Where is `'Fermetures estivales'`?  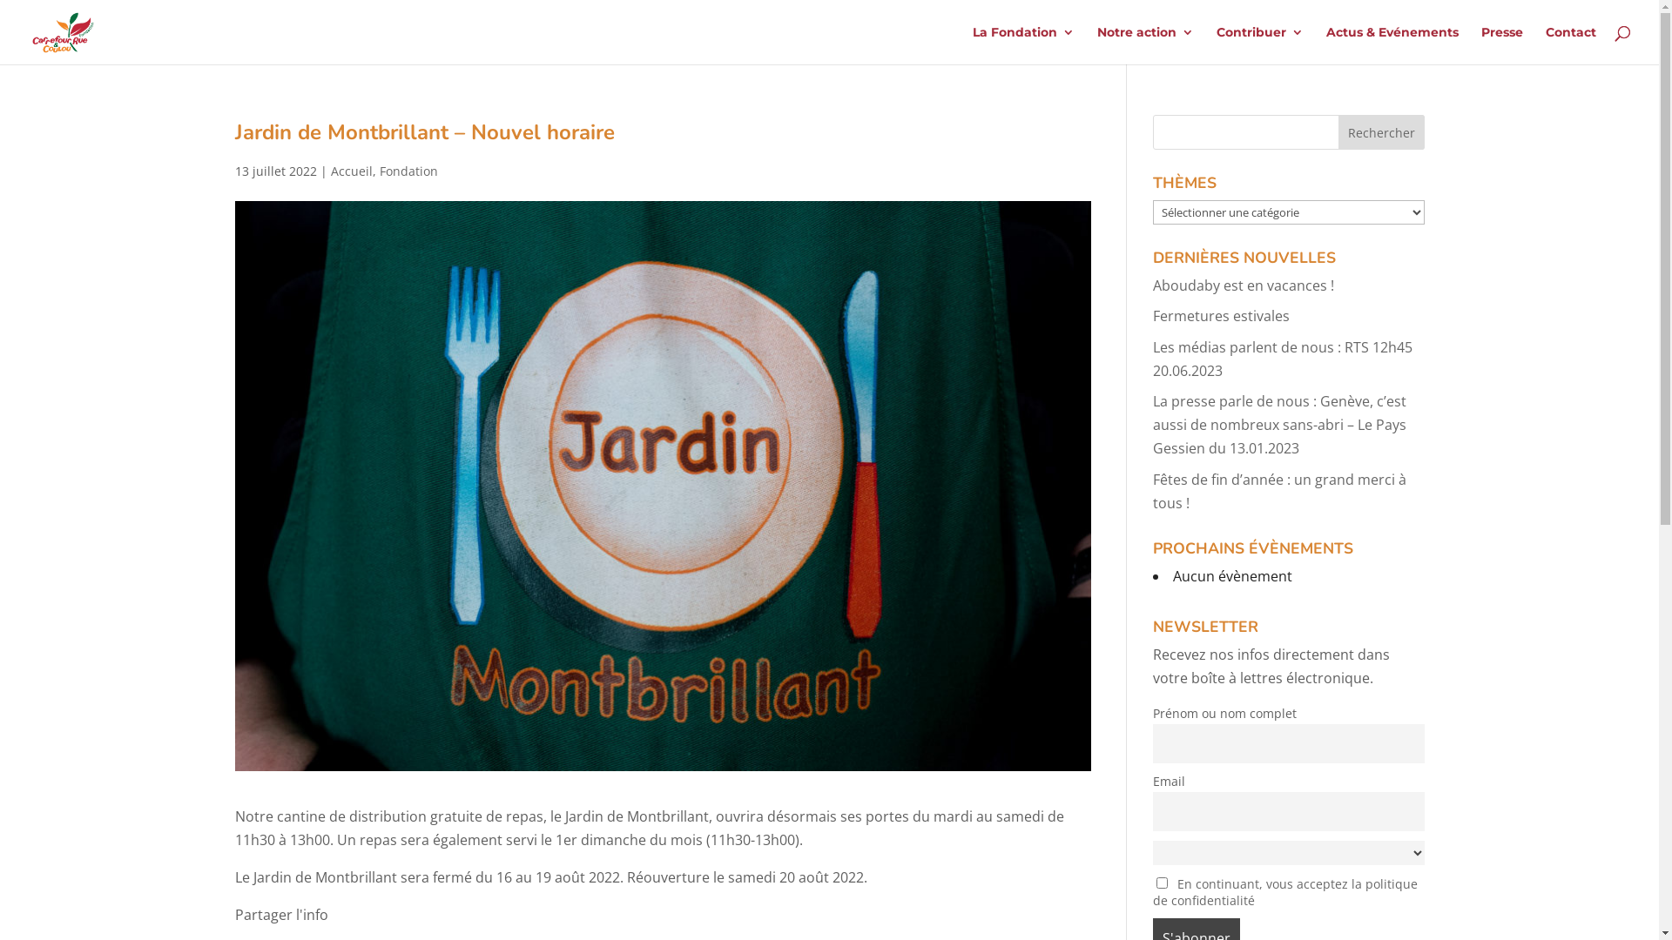
'Fermetures estivales' is located at coordinates (1153, 315).